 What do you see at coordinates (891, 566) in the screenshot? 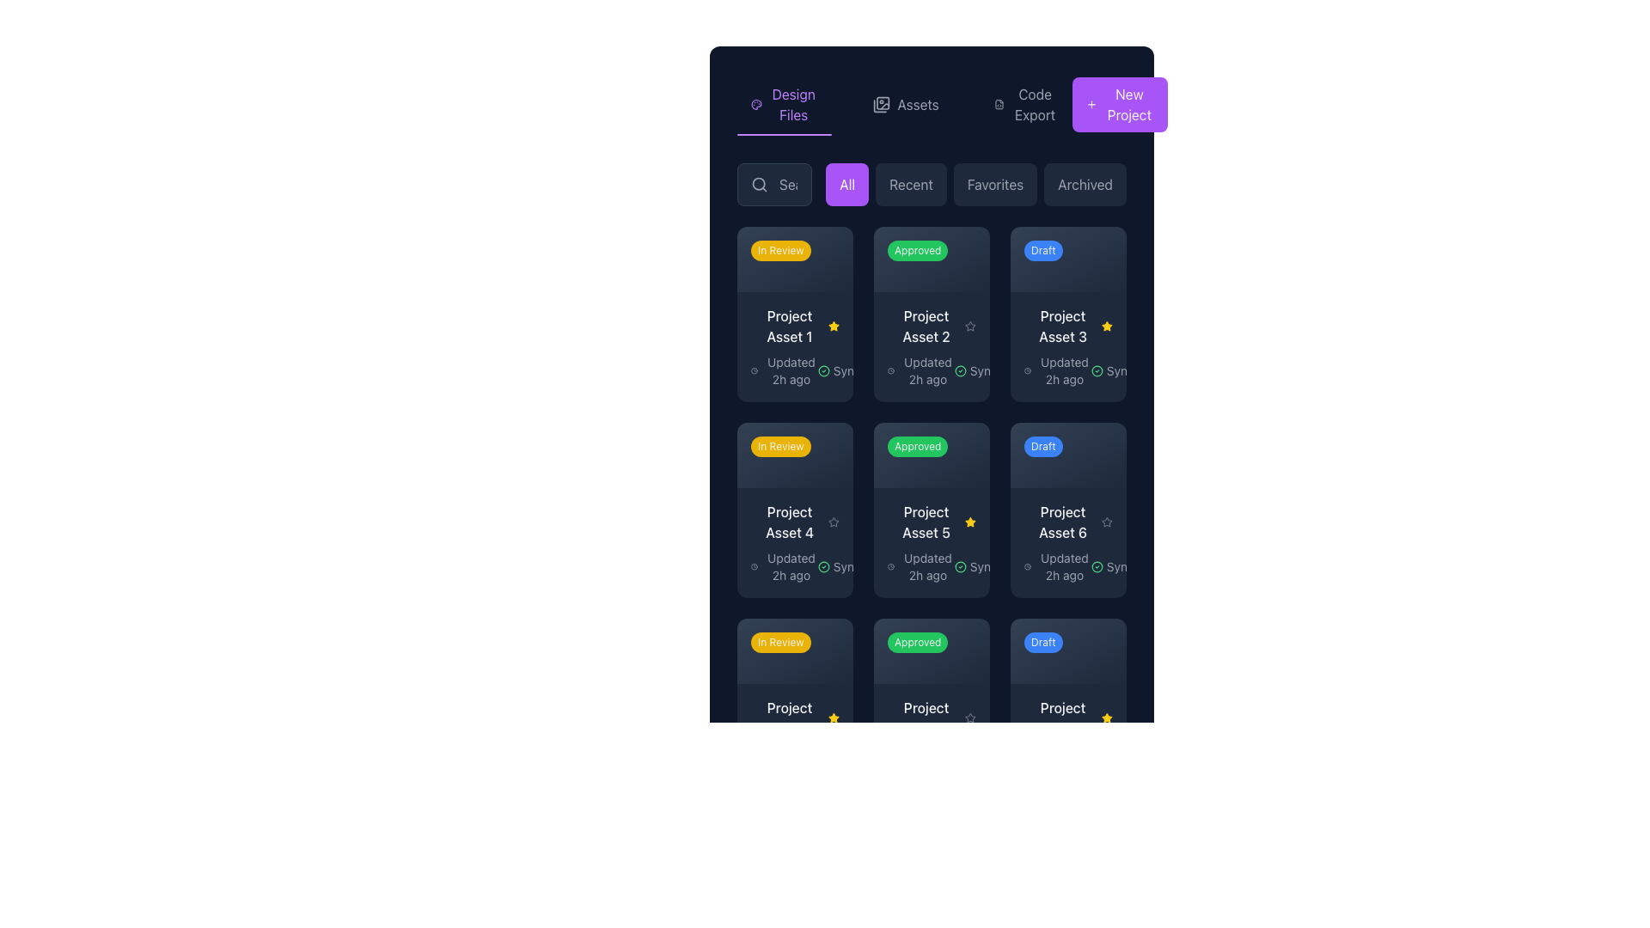
I see `the clock icon located to the left of the 'Updated 2h ago' text` at bounding box center [891, 566].